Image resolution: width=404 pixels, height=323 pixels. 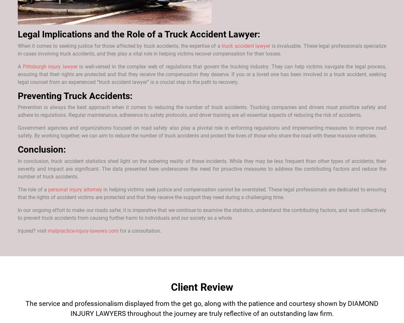 What do you see at coordinates (75, 189) in the screenshot?
I see `'personal injury attorney'` at bounding box center [75, 189].